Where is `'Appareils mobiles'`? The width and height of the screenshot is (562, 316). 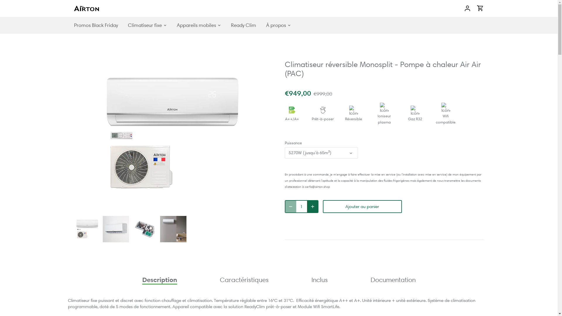
'Appareils mobiles' is located at coordinates (196, 25).